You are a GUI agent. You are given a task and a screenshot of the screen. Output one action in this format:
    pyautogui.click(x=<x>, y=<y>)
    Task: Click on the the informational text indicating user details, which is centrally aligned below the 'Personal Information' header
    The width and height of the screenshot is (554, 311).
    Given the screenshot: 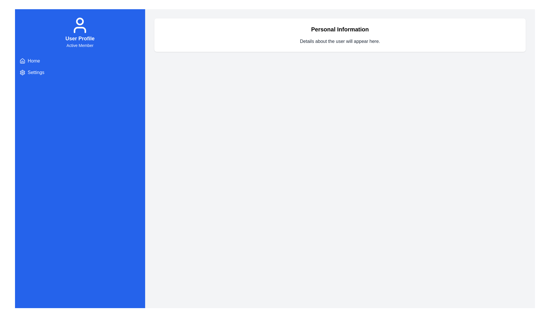 What is the action you would take?
    pyautogui.click(x=340, y=41)
    